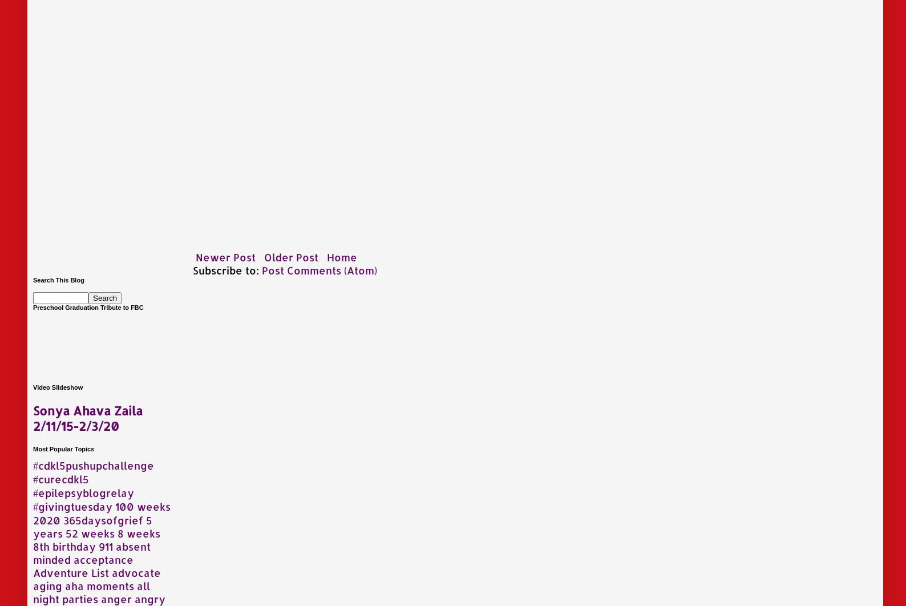  I want to click on 'Newer Post', so click(225, 256).